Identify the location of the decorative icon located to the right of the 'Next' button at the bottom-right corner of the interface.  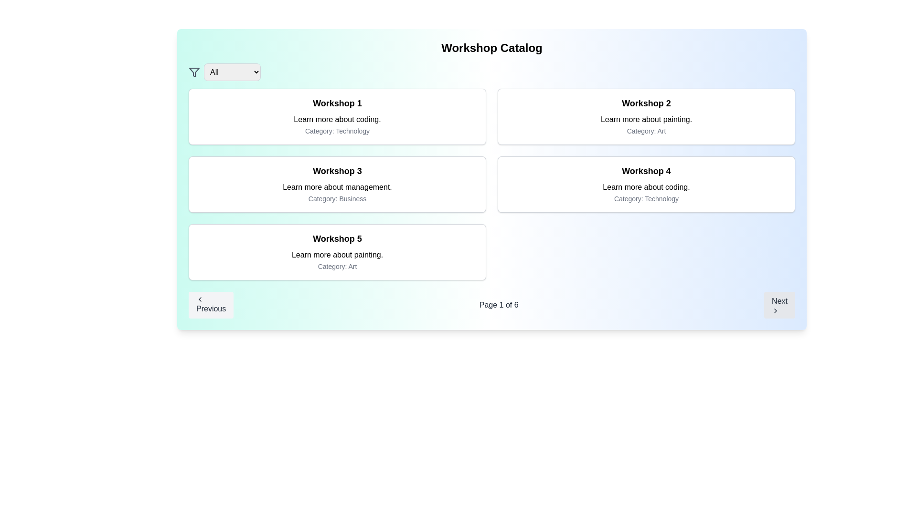
(776, 310).